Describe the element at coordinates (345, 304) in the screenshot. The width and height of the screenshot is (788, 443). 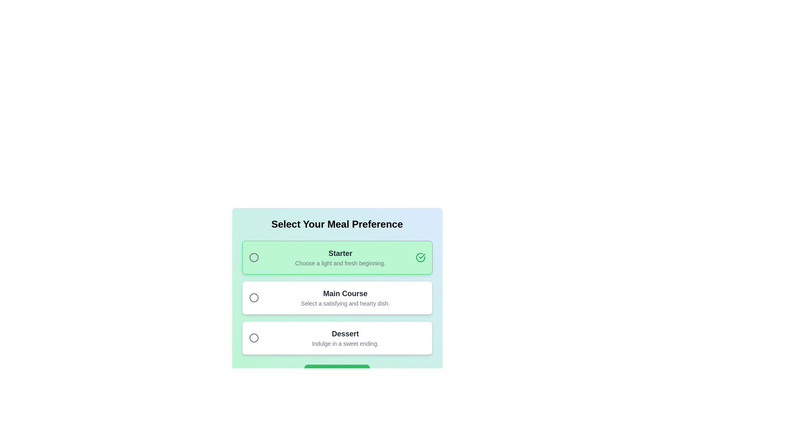
I see `the descriptive text label for the 'Main Course' option in the meal preference selection interface, which is located beneath the 'Main Course' heading` at that location.